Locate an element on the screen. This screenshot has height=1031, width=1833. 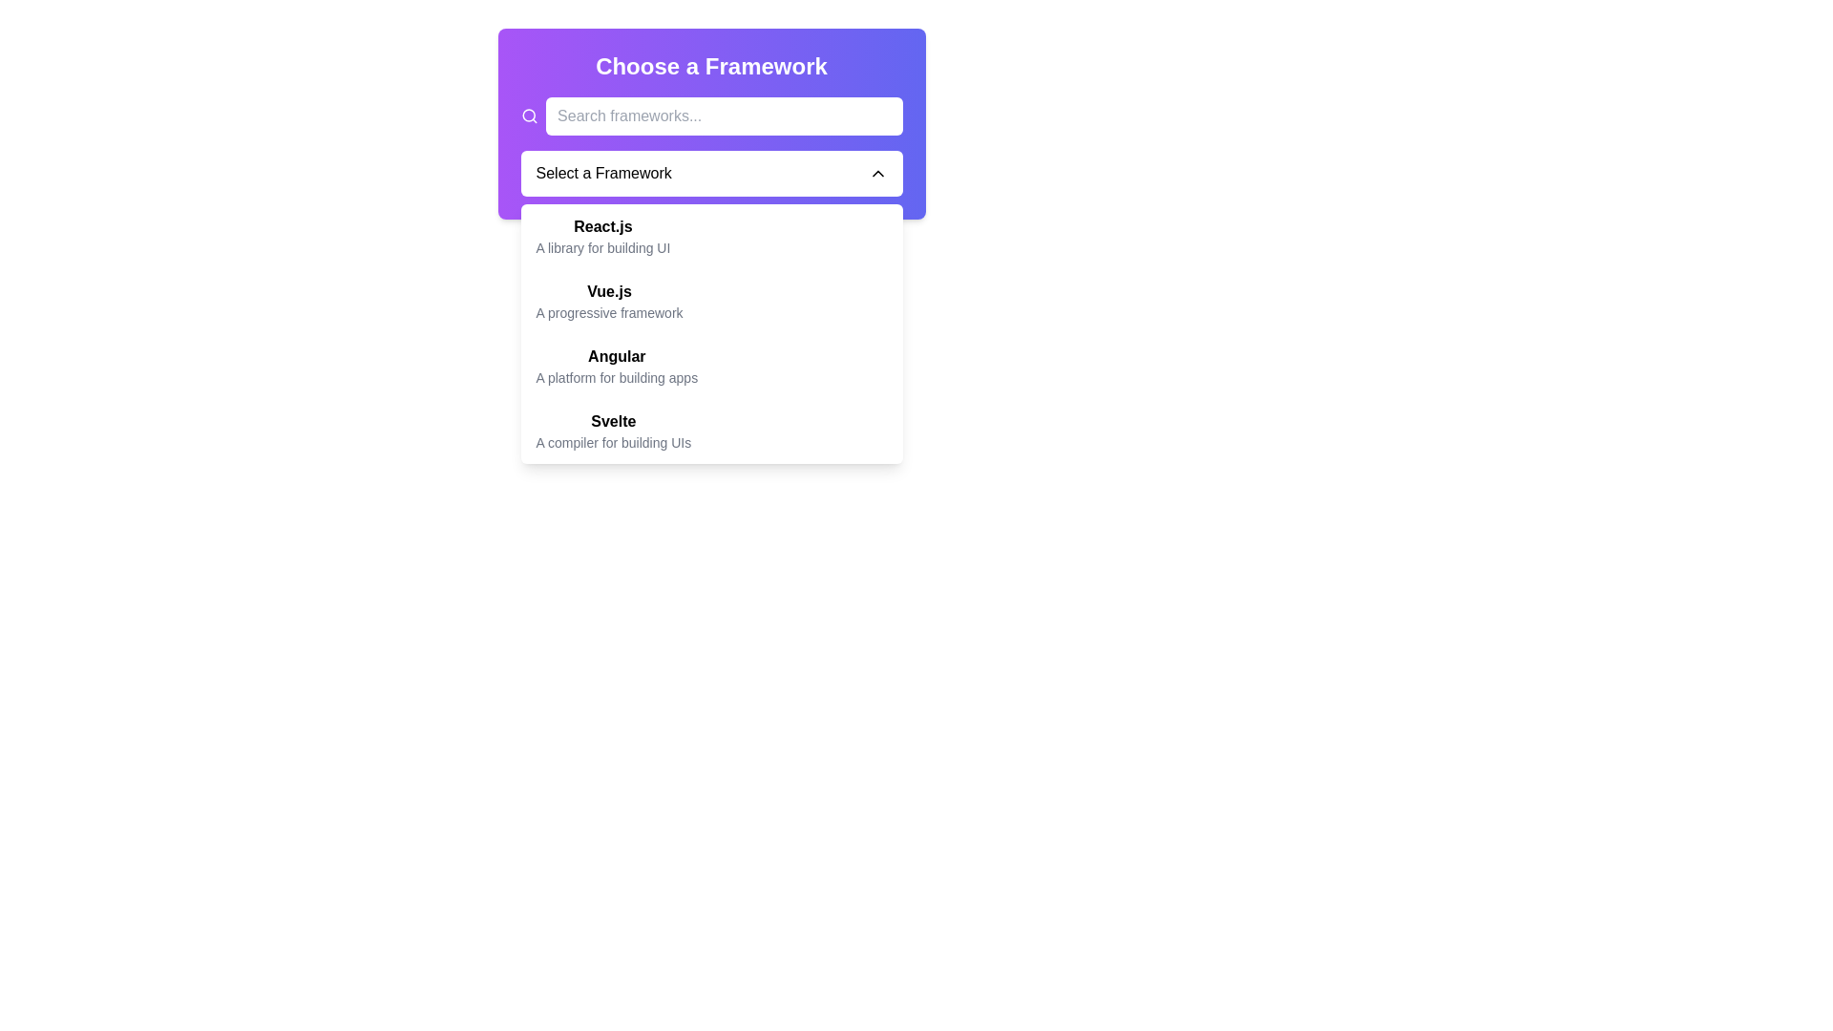
the second selectable item in the dropdown menu labeled 'Select a Framework' is located at coordinates (608, 301).